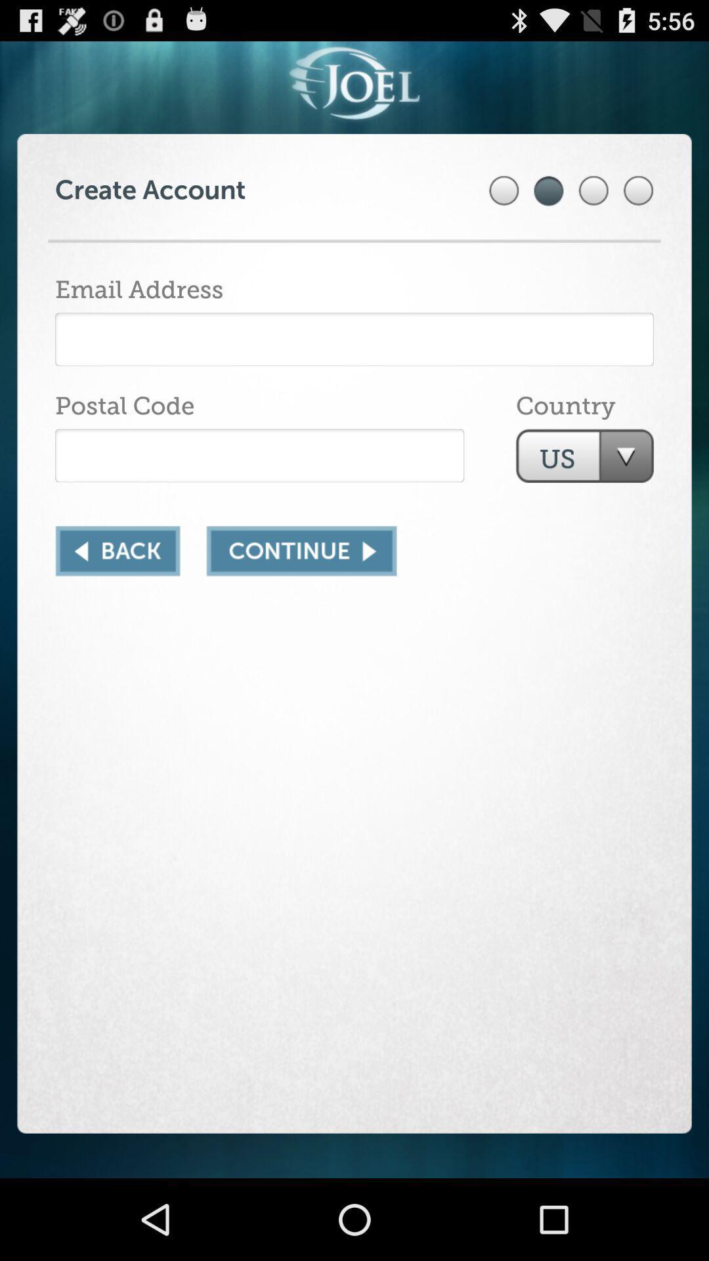  Describe the element at coordinates (301, 551) in the screenshot. I see `continue` at that location.